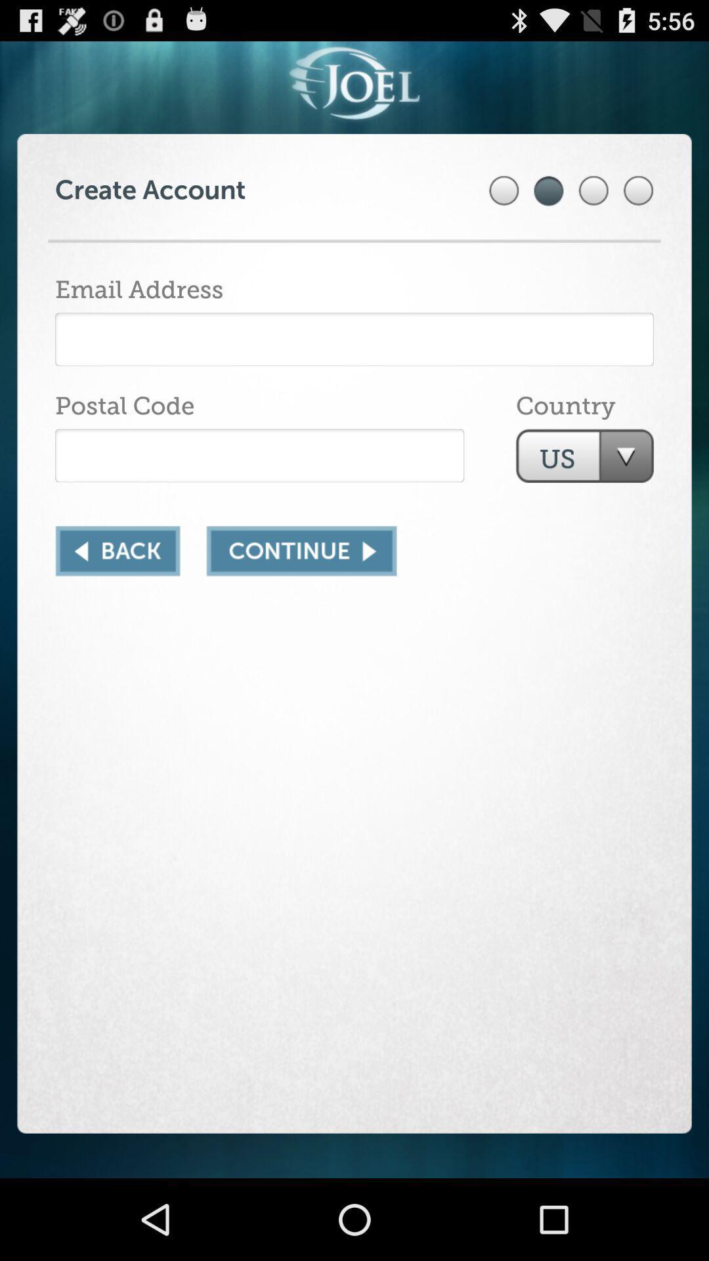  Describe the element at coordinates (301, 551) in the screenshot. I see `continue` at that location.